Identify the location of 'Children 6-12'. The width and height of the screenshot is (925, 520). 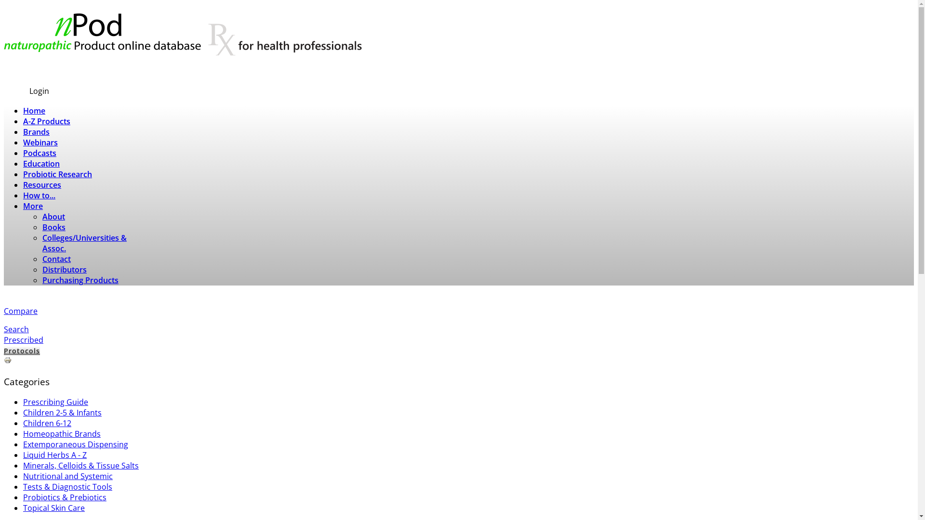
(23, 423).